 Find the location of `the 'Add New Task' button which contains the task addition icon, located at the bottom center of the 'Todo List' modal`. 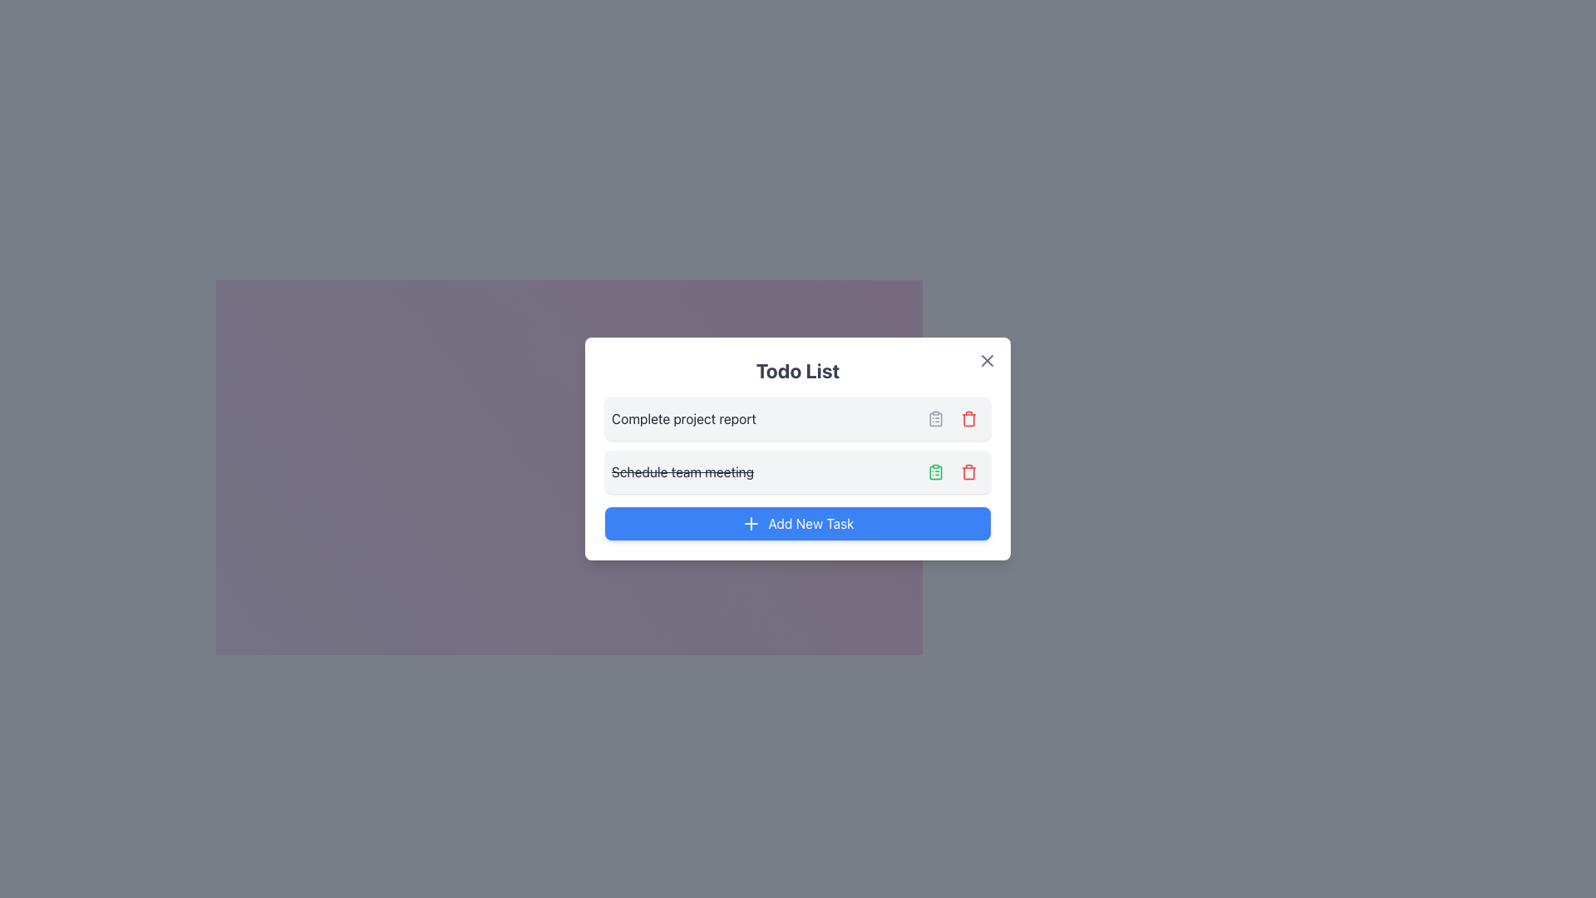

the 'Add New Task' button which contains the task addition icon, located at the bottom center of the 'Todo List' modal is located at coordinates (751, 522).